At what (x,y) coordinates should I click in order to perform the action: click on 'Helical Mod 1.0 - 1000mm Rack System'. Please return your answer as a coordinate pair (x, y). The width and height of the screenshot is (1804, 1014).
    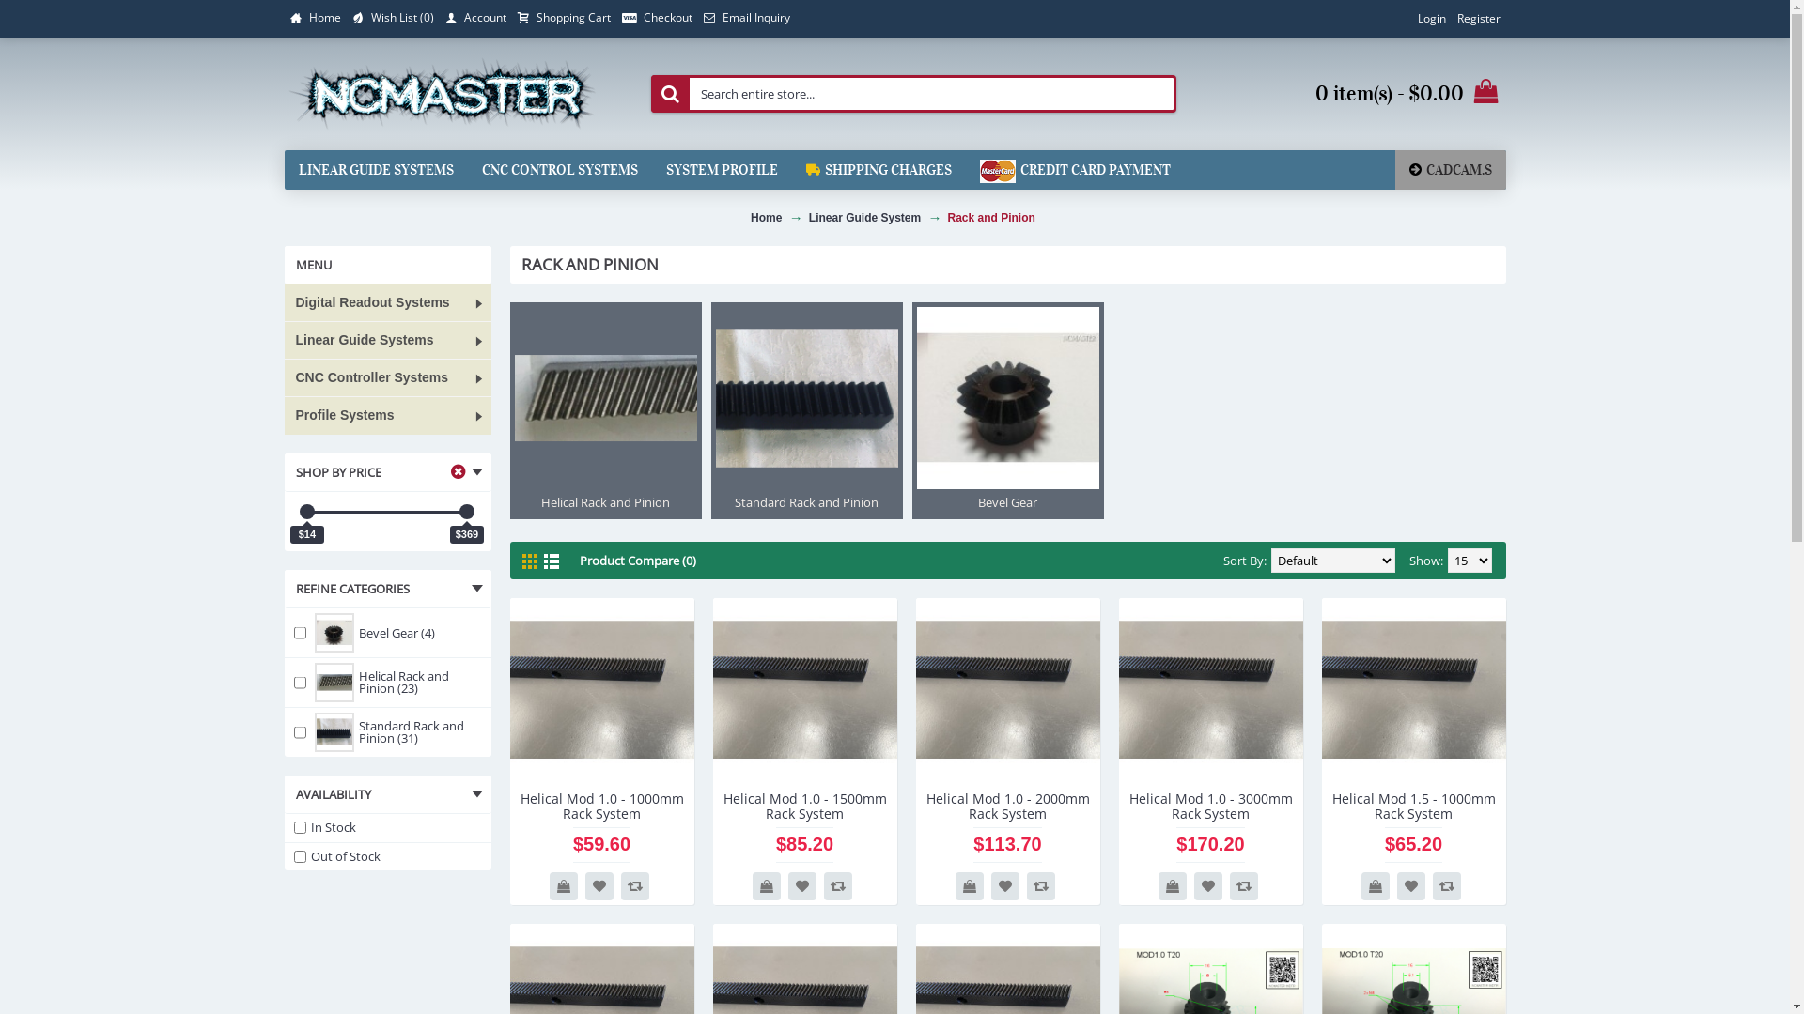
    Looking at the image, I should click on (599, 690).